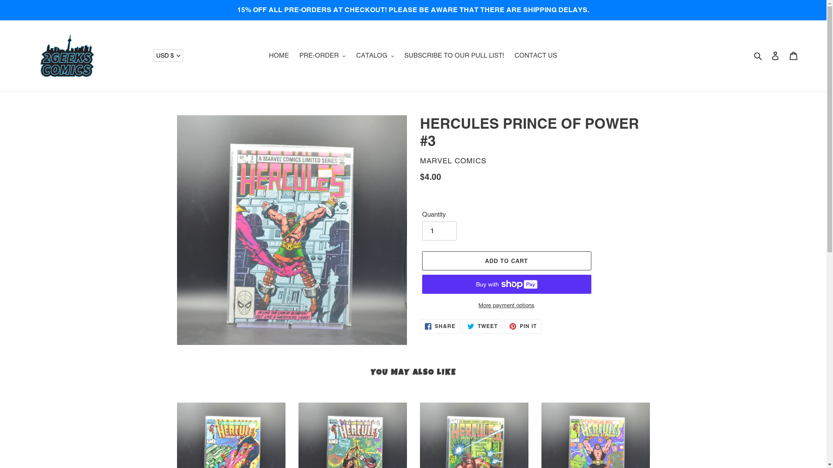 The height and width of the screenshot is (468, 833). What do you see at coordinates (758, 55) in the screenshot?
I see `'Search'` at bounding box center [758, 55].